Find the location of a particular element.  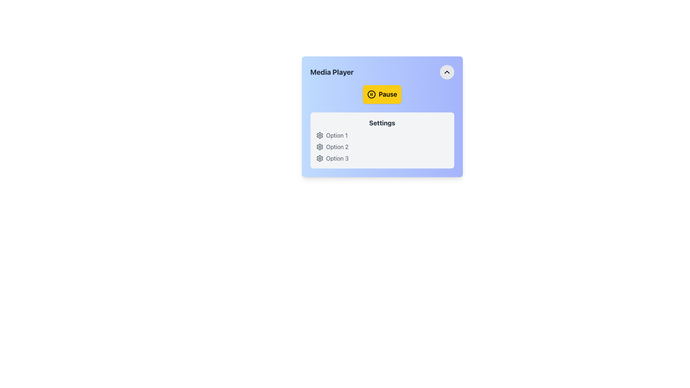

the gear-shaped icon with a gray outline located next to the text 'Option 1' in the 'Settings' section is located at coordinates (319, 135).